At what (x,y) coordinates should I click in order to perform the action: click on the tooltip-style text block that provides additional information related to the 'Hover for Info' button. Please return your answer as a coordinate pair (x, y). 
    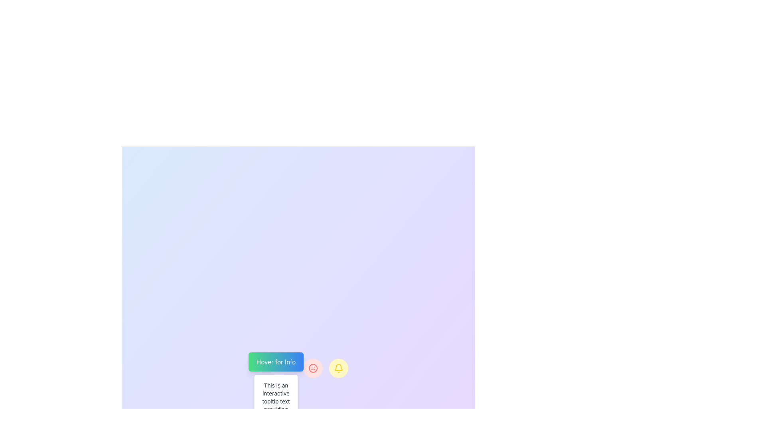
    Looking at the image, I should click on (276, 405).